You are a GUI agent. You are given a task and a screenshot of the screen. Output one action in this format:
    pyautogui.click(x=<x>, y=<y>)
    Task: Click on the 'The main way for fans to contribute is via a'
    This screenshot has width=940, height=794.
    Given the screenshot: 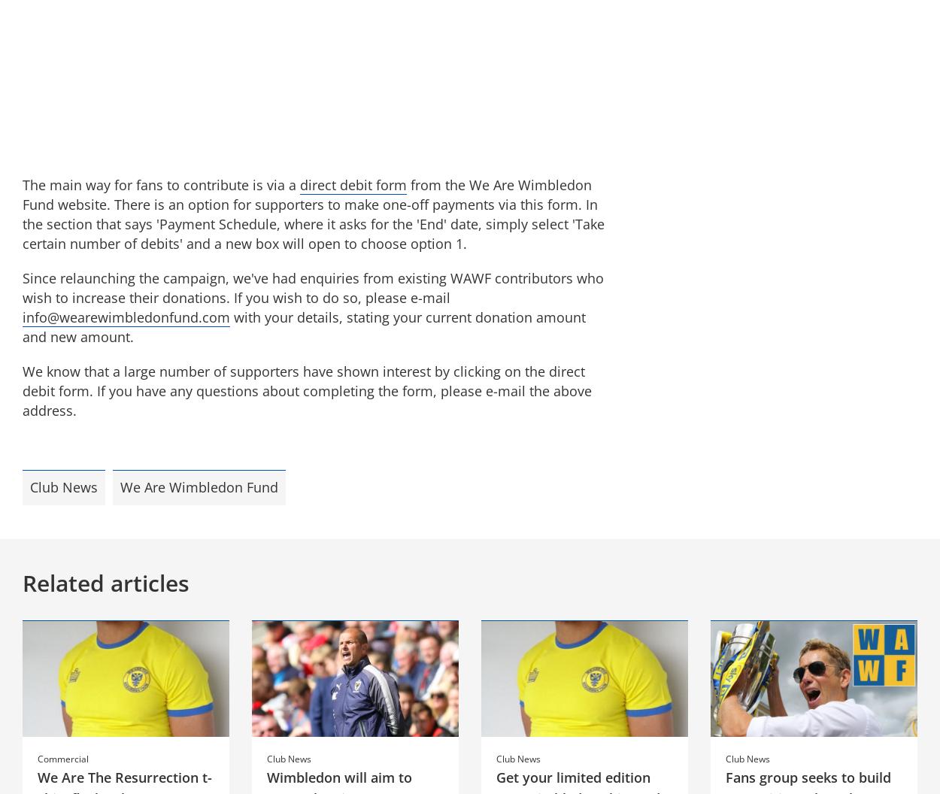 What is the action you would take?
    pyautogui.click(x=160, y=183)
    